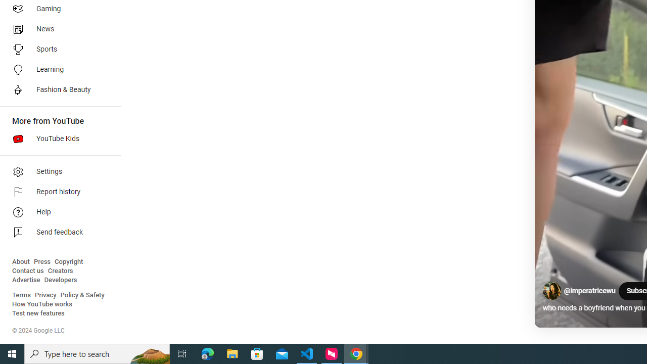 Image resolution: width=647 pixels, height=364 pixels. I want to click on 'How YouTube works', so click(41, 304).